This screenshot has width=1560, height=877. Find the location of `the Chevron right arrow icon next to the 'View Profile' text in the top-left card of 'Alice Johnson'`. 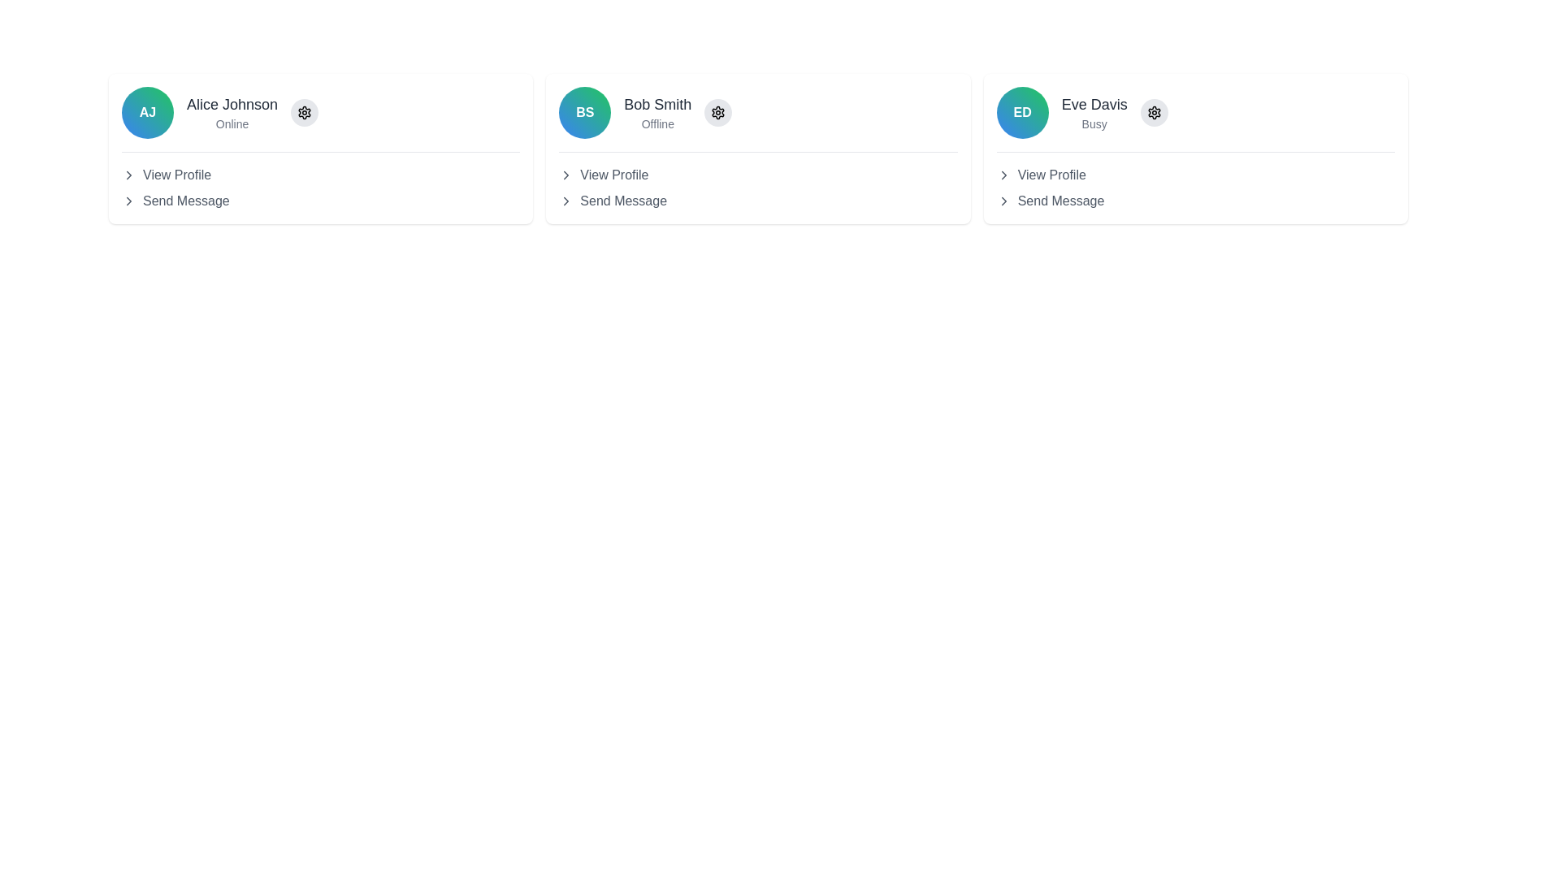

the Chevron right arrow icon next to the 'View Profile' text in the top-left card of 'Alice Johnson' is located at coordinates (128, 200).